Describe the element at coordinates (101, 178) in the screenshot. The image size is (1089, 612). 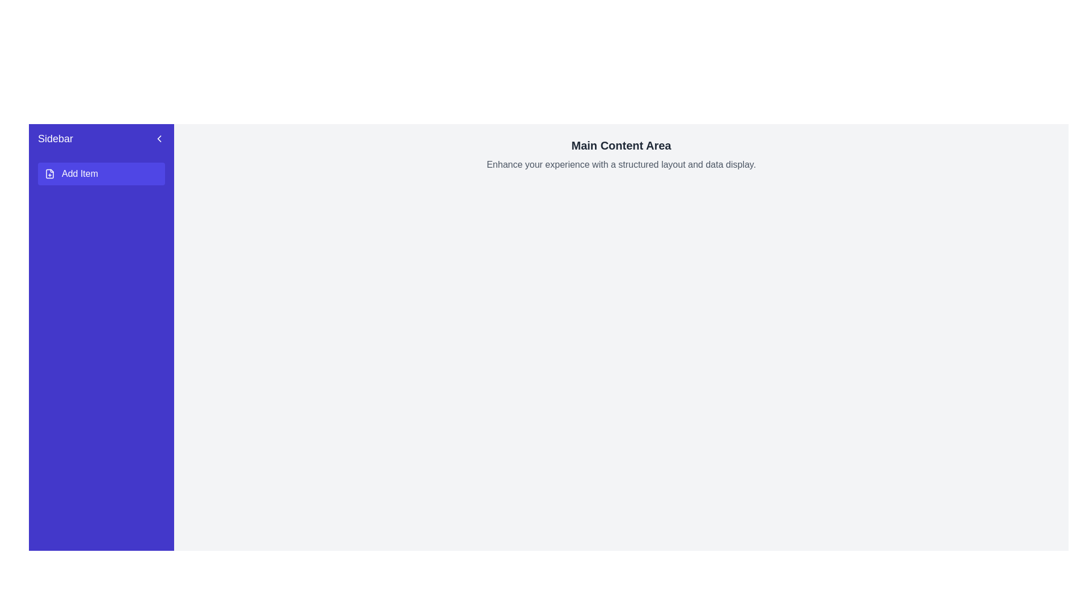
I see `the 'Add New Item' button located in the sidebar, positioned below the 'Sidebar' title` at that location.